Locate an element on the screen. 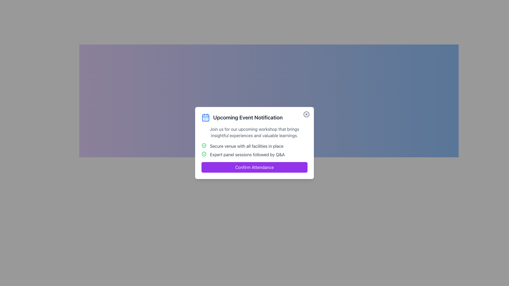 The width and height of the screenshot is (509, 286). the calendar icon located in the top left corner of the modal dialog box displaying the 'Upcoming Event Notification' heading is located at coordinates (205, 117).